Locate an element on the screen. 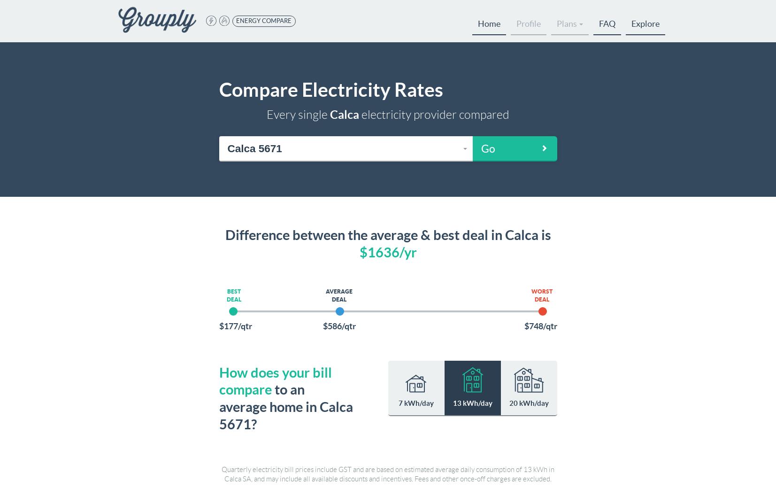 The width and height of the screenshot is (776, 488). 'Quarterly electricity bill prices include GST and are based on estimated average daily consumption of' is located at coordinates (372, 469).